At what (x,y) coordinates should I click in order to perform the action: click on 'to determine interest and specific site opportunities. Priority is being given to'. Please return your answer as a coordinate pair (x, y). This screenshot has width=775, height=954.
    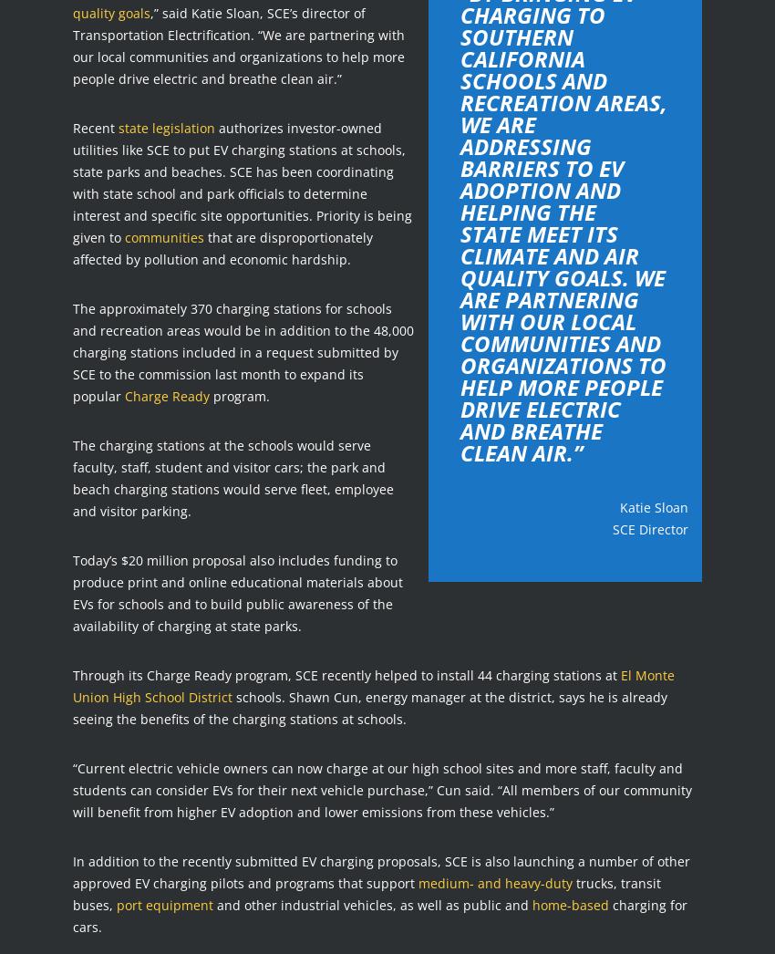
    Looking at the image, I should click on (241, 213).